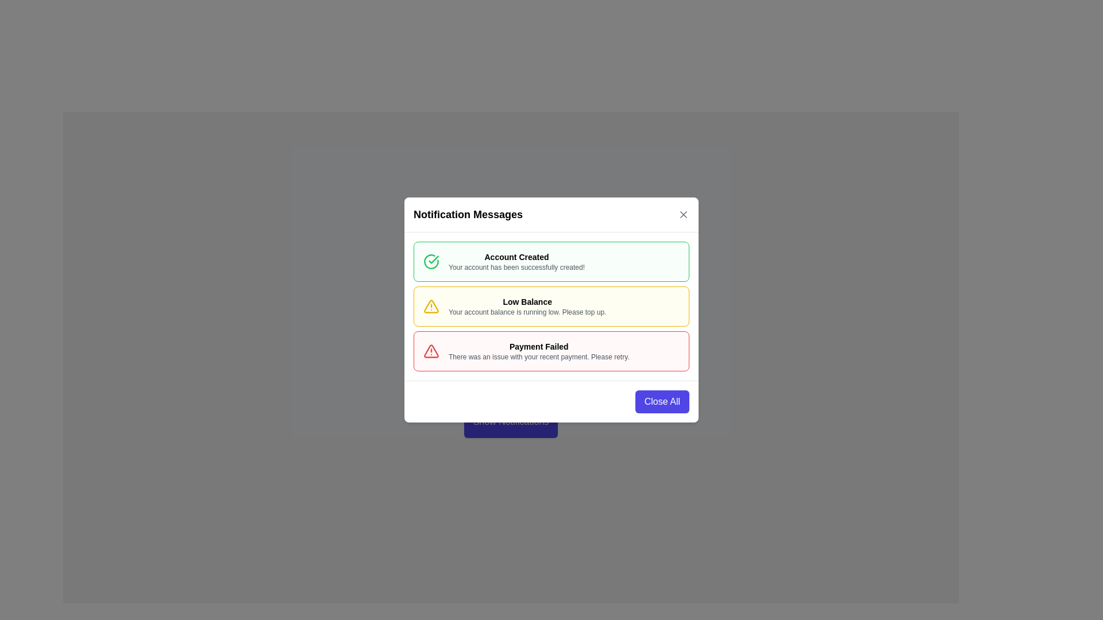  Describe the element at coordinates (516, 256) in the screenshot. I see `the text label stating 'Account Created' located at the top of the green-bordered notification card in the 'Notification Messages' modal dialog` at that location.